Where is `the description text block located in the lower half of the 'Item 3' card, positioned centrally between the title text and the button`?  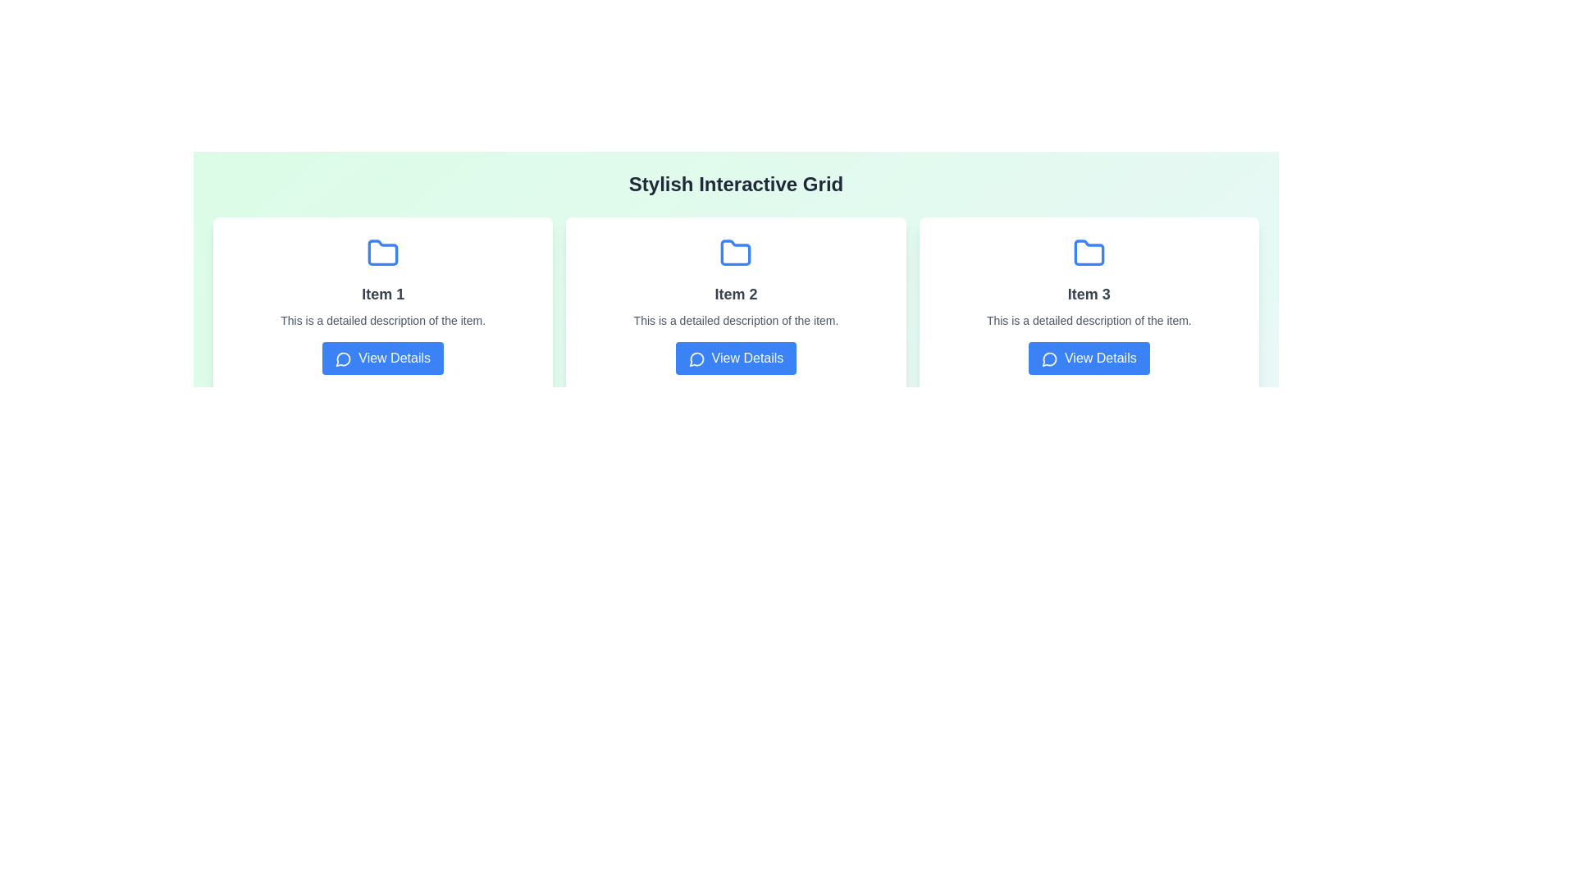 the description text block located in the lower half of the 'Item 3' card, positioned centrally between the title text and the button is located at coordinates (1089, 320).